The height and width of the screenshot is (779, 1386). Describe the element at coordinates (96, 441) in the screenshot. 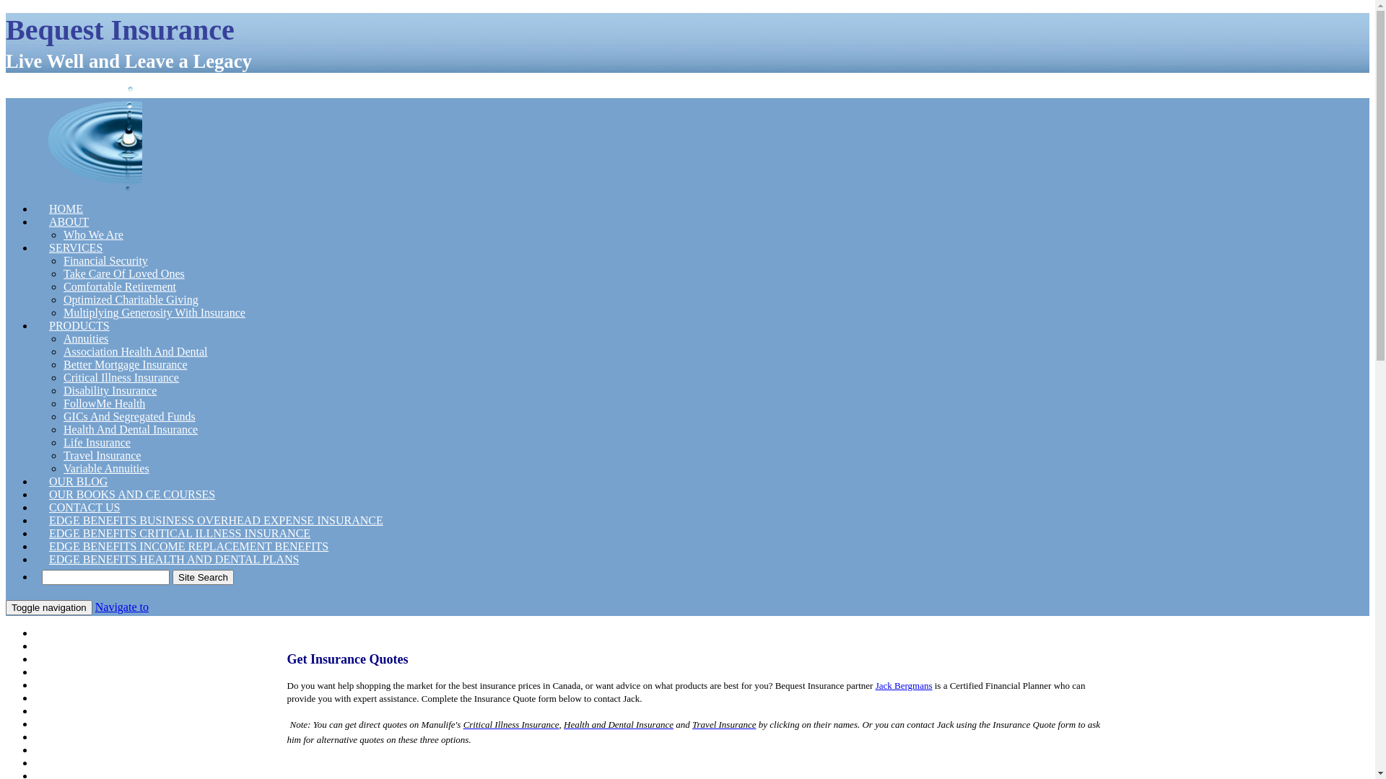

I see `'Life Insurance'` at that location.